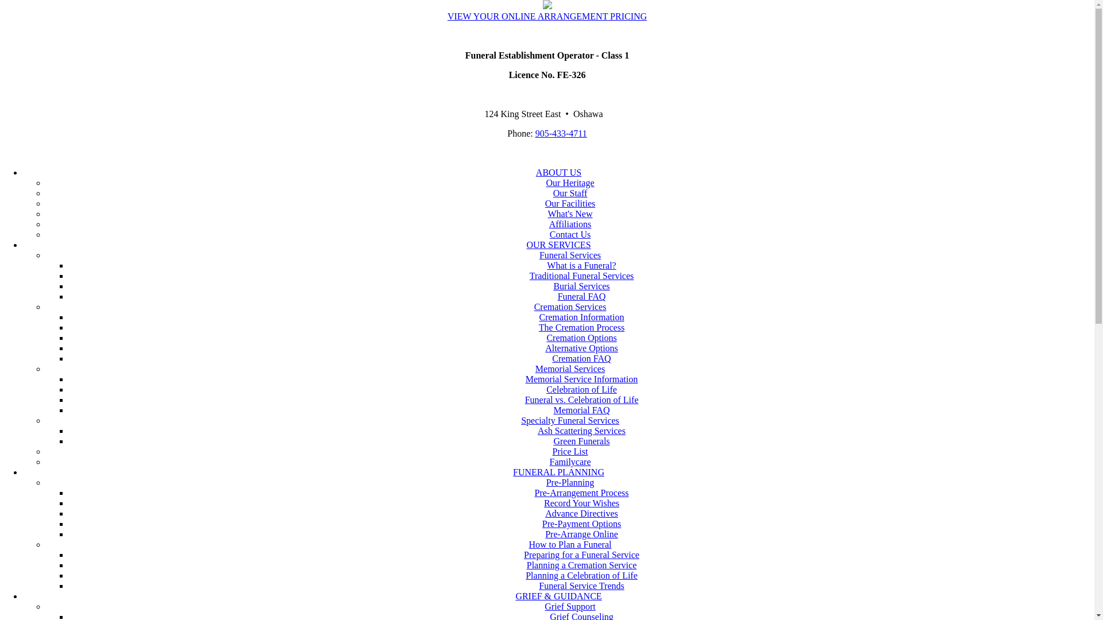 The width and height of the screenshot is (1103, 620). What do you see at coordinates (553, 440) in the screenshot?
I see `'Green Funerals'` at bounding box center [553, 440].